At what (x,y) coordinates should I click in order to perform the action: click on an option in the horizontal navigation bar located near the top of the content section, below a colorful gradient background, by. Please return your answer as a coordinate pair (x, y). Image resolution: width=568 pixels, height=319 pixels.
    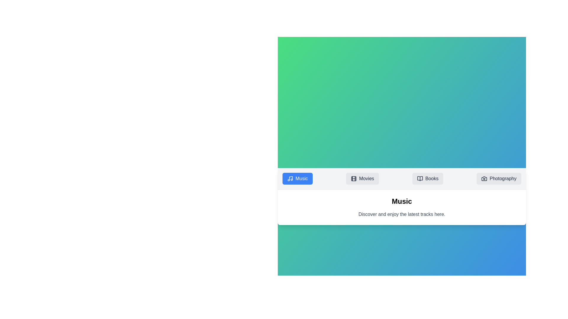
    Looking at the image, I should click on (402, 178).